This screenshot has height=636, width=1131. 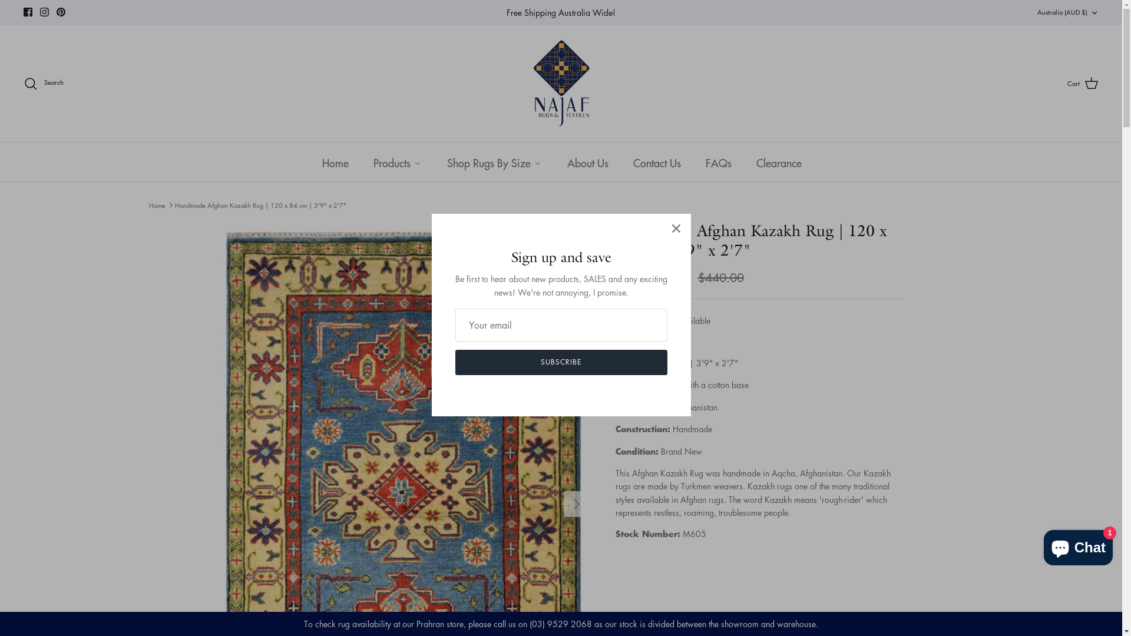 I want to click on 'Pinterest', so click(x=60, y=12).